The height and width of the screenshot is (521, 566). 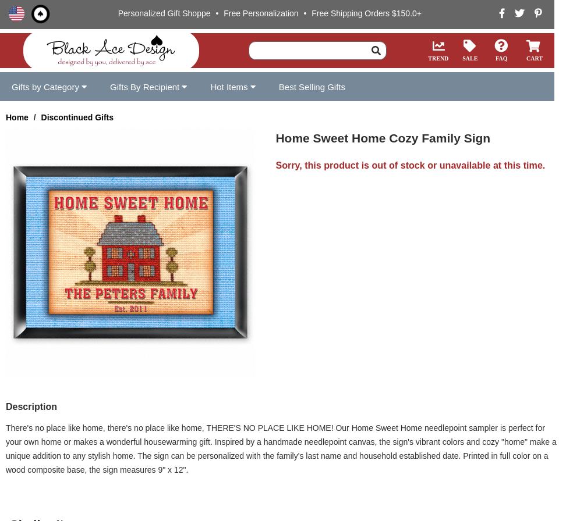 I want to click on 'CART', so click(x=526, y=58).